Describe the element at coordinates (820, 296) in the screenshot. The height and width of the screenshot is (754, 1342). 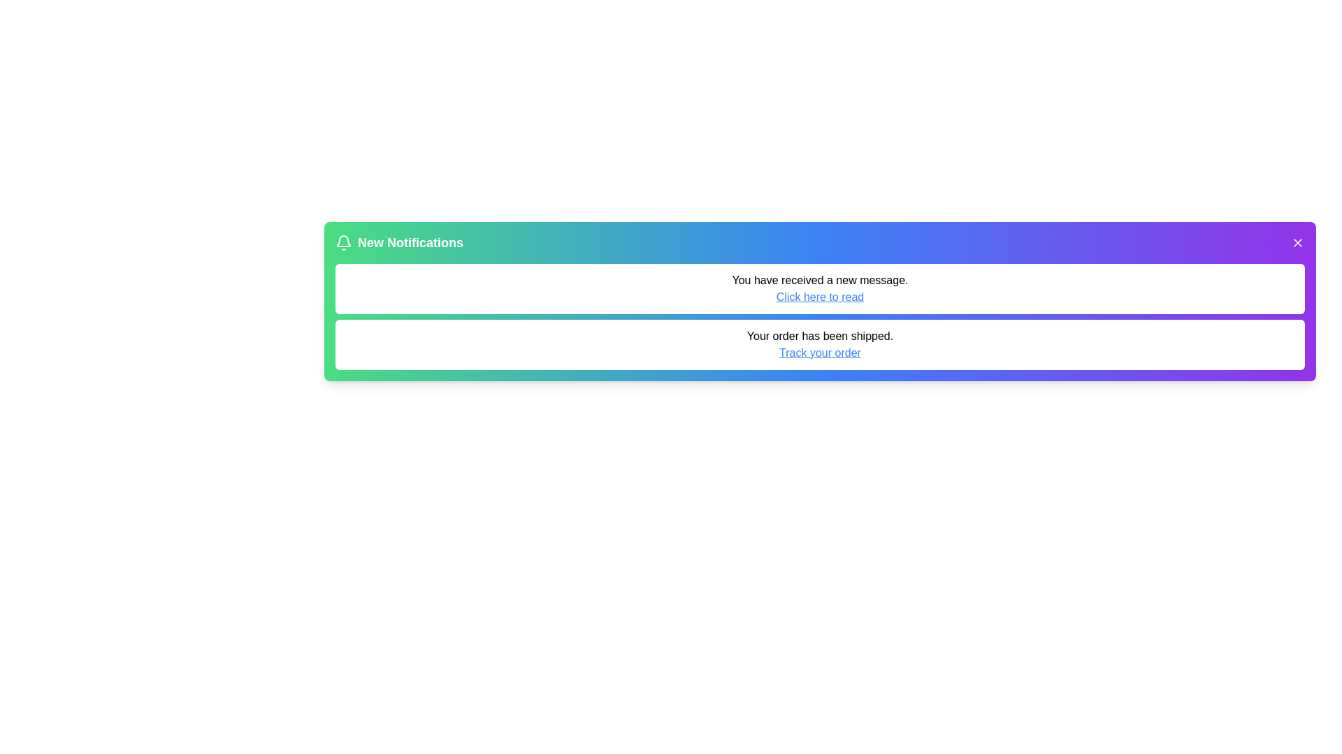
I see `the hyperlink located within the white-bordered notification box below the message 'You have received a new message.'` at that location.